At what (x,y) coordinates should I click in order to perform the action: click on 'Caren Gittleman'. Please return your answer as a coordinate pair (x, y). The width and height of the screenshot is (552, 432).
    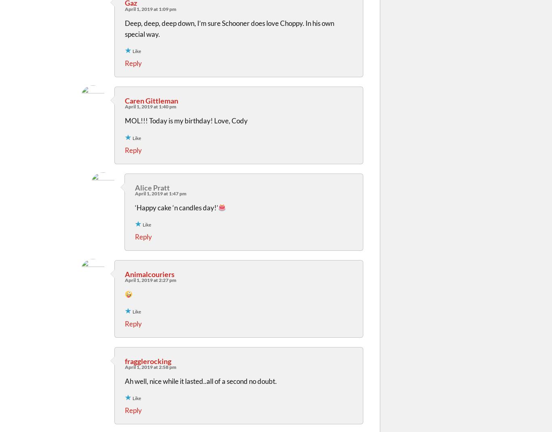
    Looking at the image, I should click on (151, 100).